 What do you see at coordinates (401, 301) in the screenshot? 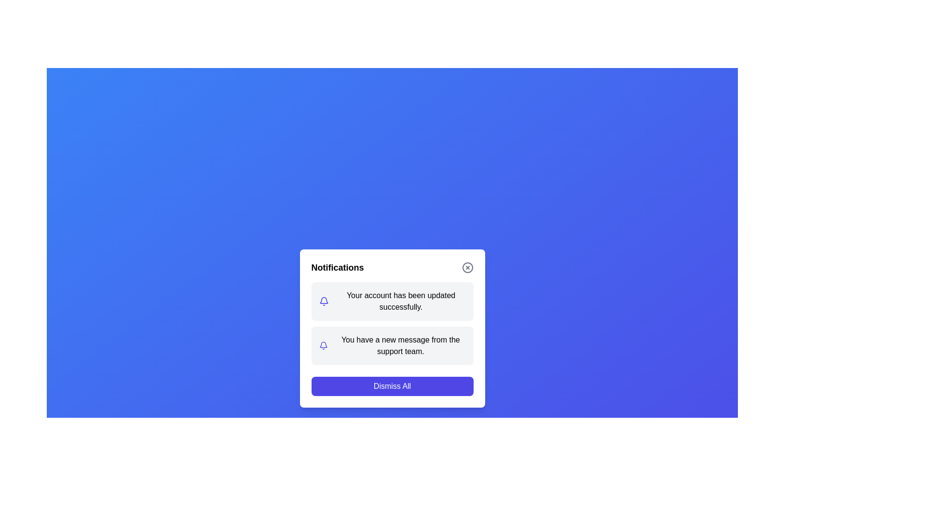
I see `the static text notification label that provides feedback about the successful update of account settings, which is located in the middle portion of the notification modal, below the notification icon` at bounding box center [401, 301].